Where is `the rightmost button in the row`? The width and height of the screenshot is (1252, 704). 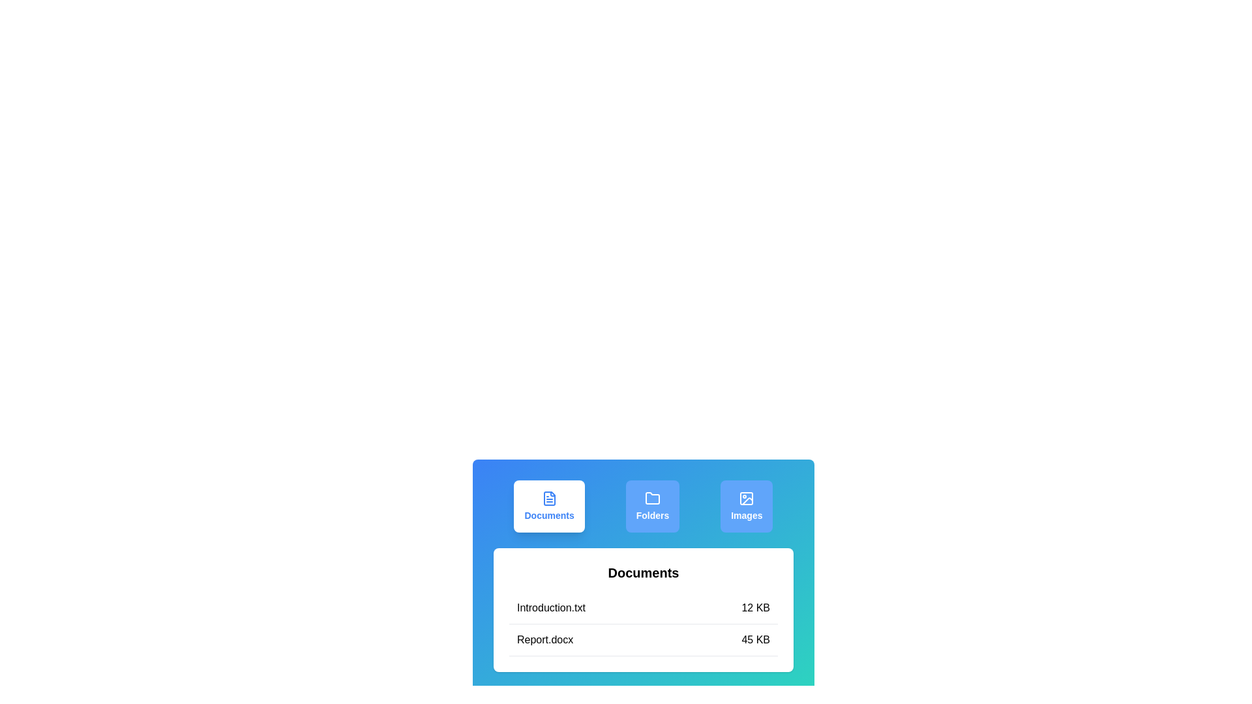 the rightmost button in the row is located at coordinates (747, 505).